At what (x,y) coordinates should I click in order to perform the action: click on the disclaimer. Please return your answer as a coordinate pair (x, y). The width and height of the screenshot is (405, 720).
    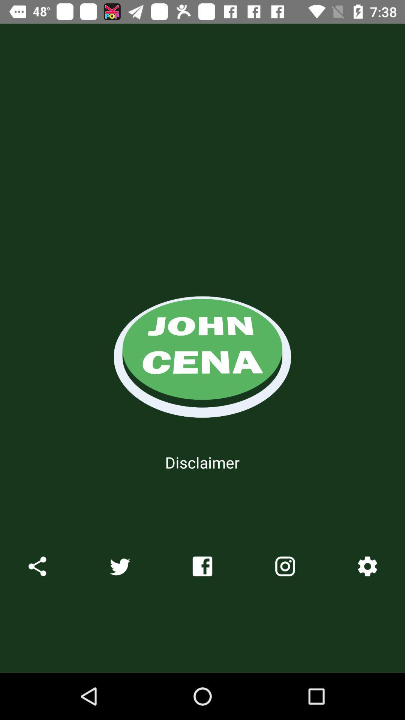
    Looking at the image, I should click on (202, 462).